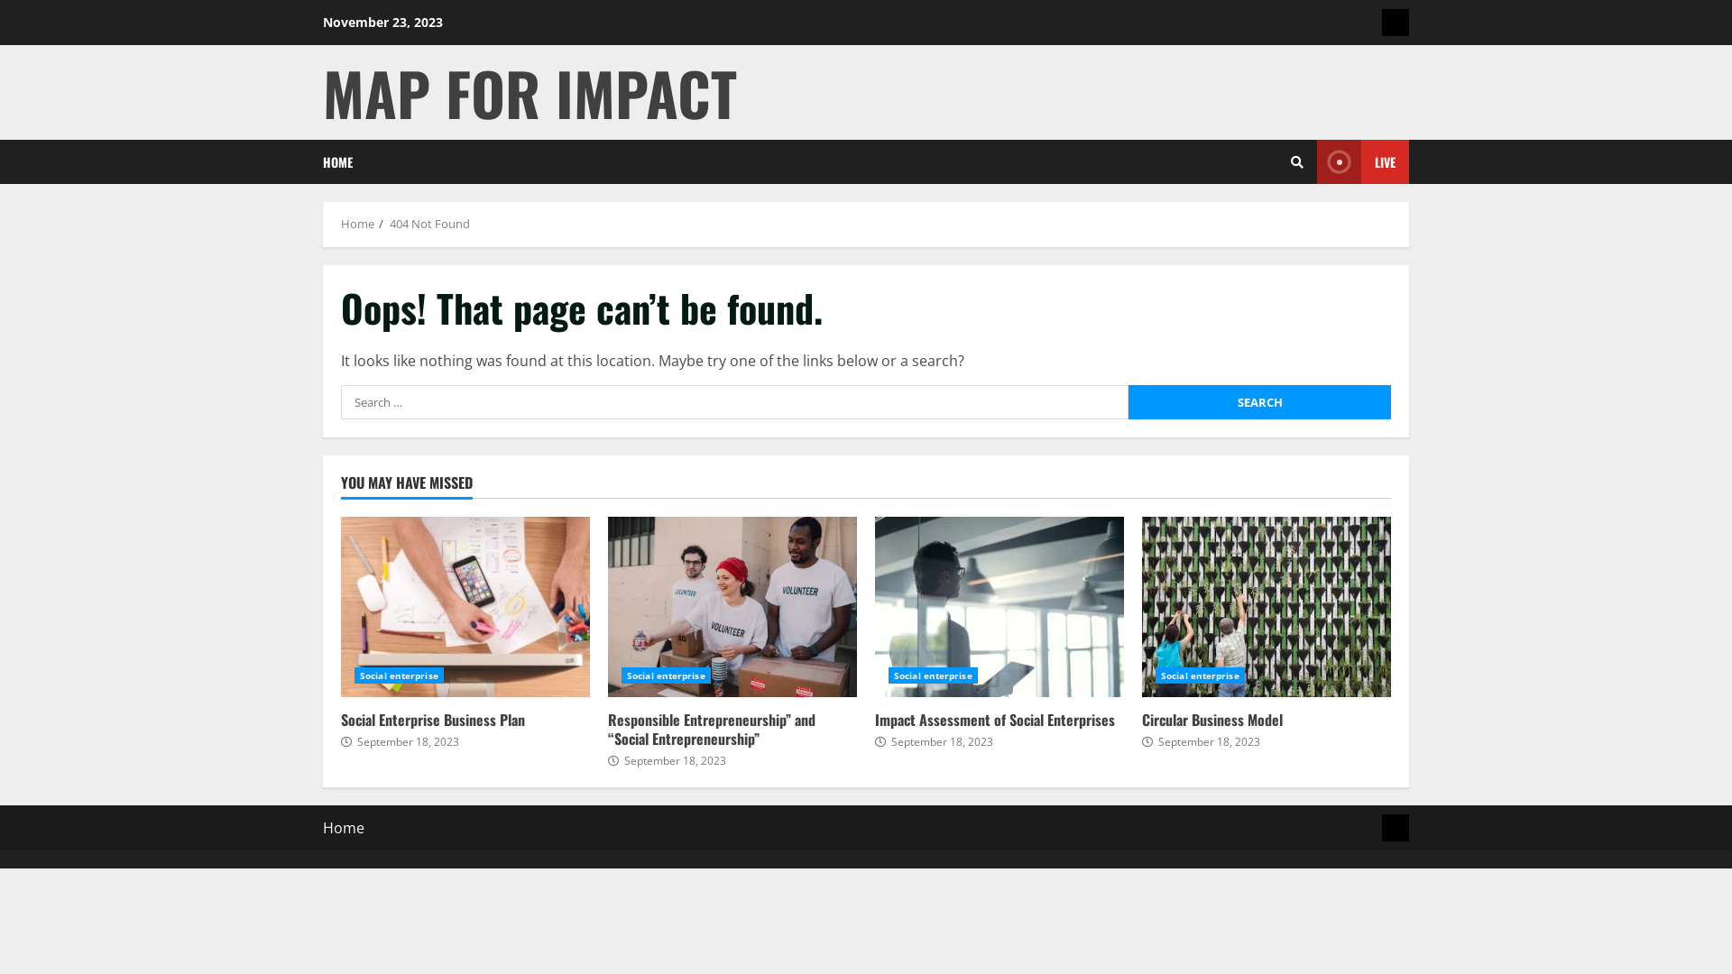  Describe the element at coordinates (433, 719) in the screenshot. I see `'Social Enterprise Business Plan'` at that location.